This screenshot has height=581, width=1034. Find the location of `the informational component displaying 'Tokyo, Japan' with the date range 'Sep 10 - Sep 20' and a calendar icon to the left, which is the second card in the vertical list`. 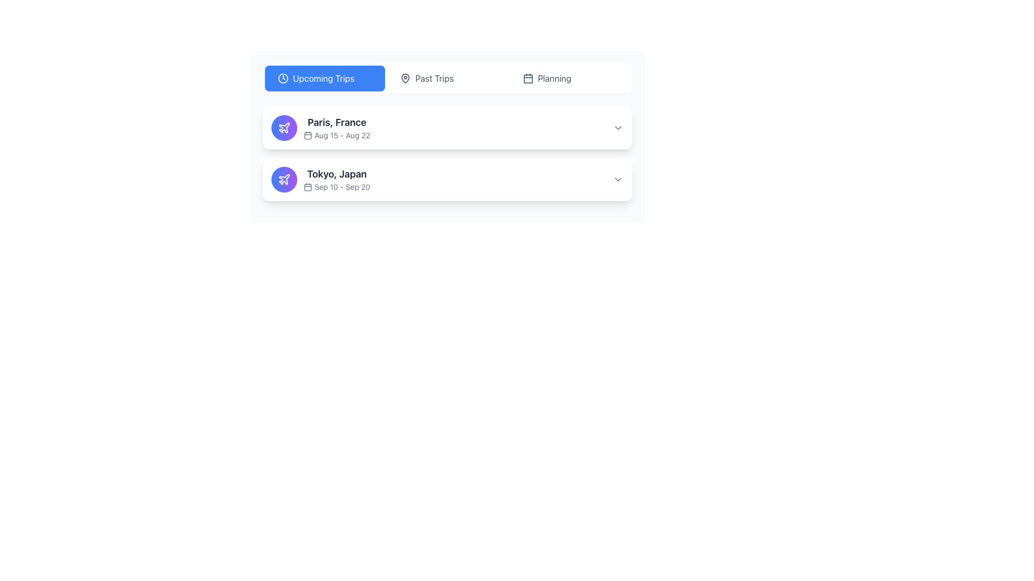

the informational component displaying 'Tokyo, Japan' with the date range 'Sep 10 - Sep 20' and a calendar icon to the left, which is the second card in the vertical list is located at coordinates (336, 179).